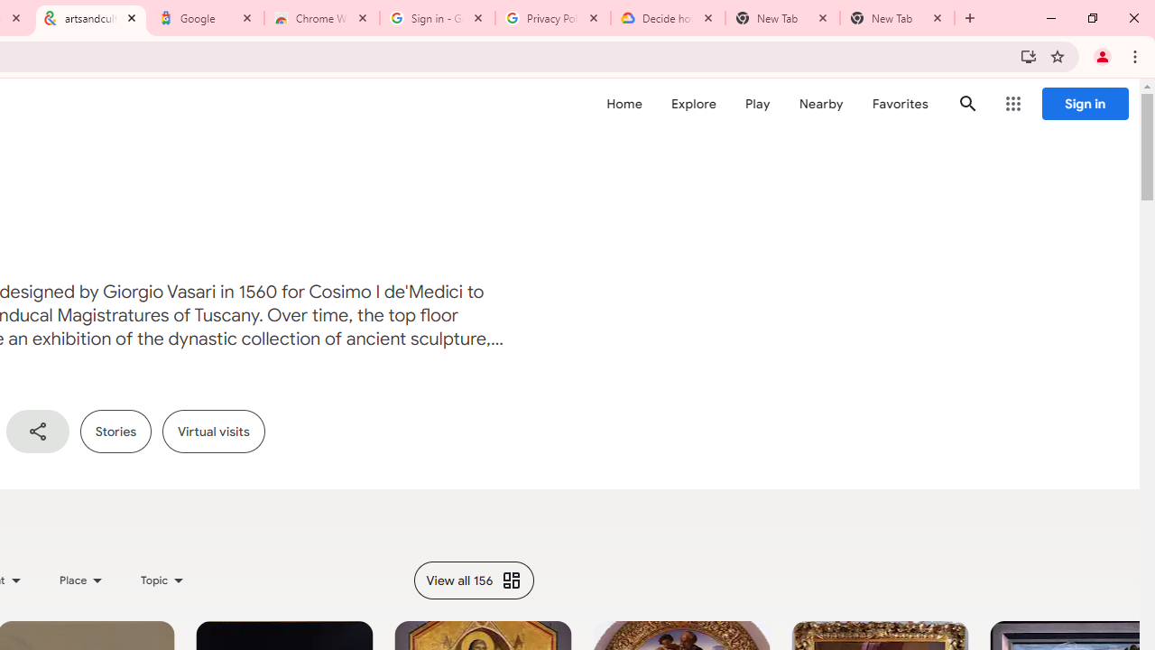 Image resolution: width=1155 pixels, height=650 pixels. Describe the element at coordinates (322, 18) in the screenshot. I see `'Chrome Web Store - Color themes by Chrome'` at that location.